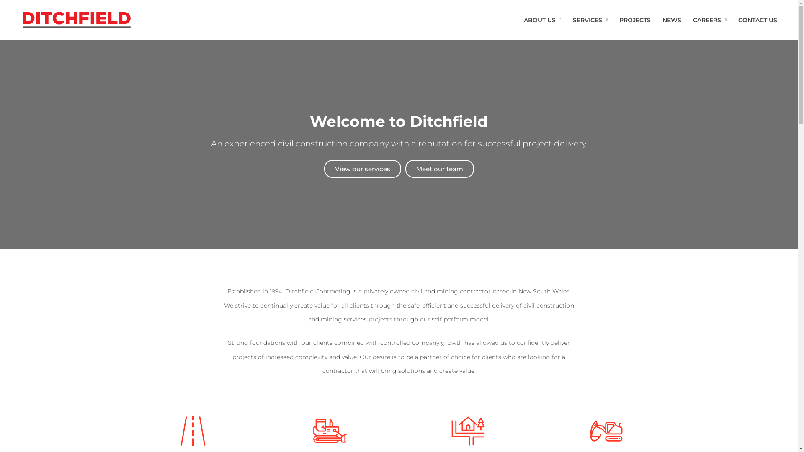  What do you see at coordinates (635, 19) in the screenshot?
I see `'PROJECTS'` at bounding box center [635, 19].